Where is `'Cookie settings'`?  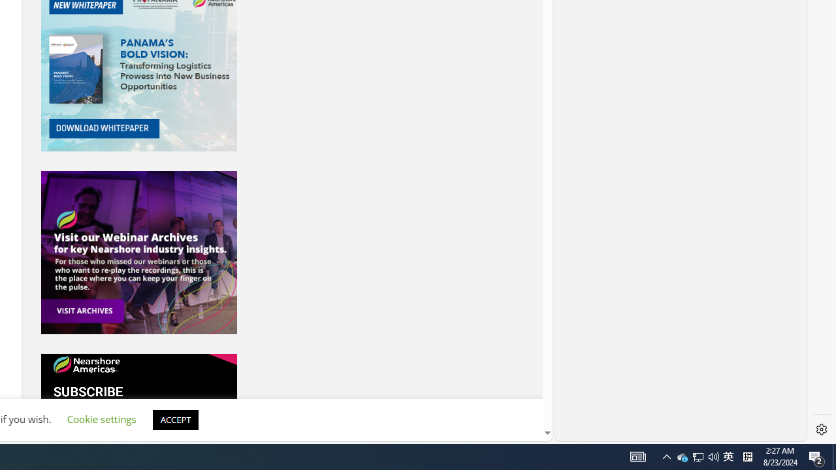 'Cookie settings' is located at coordinates (101, 419).